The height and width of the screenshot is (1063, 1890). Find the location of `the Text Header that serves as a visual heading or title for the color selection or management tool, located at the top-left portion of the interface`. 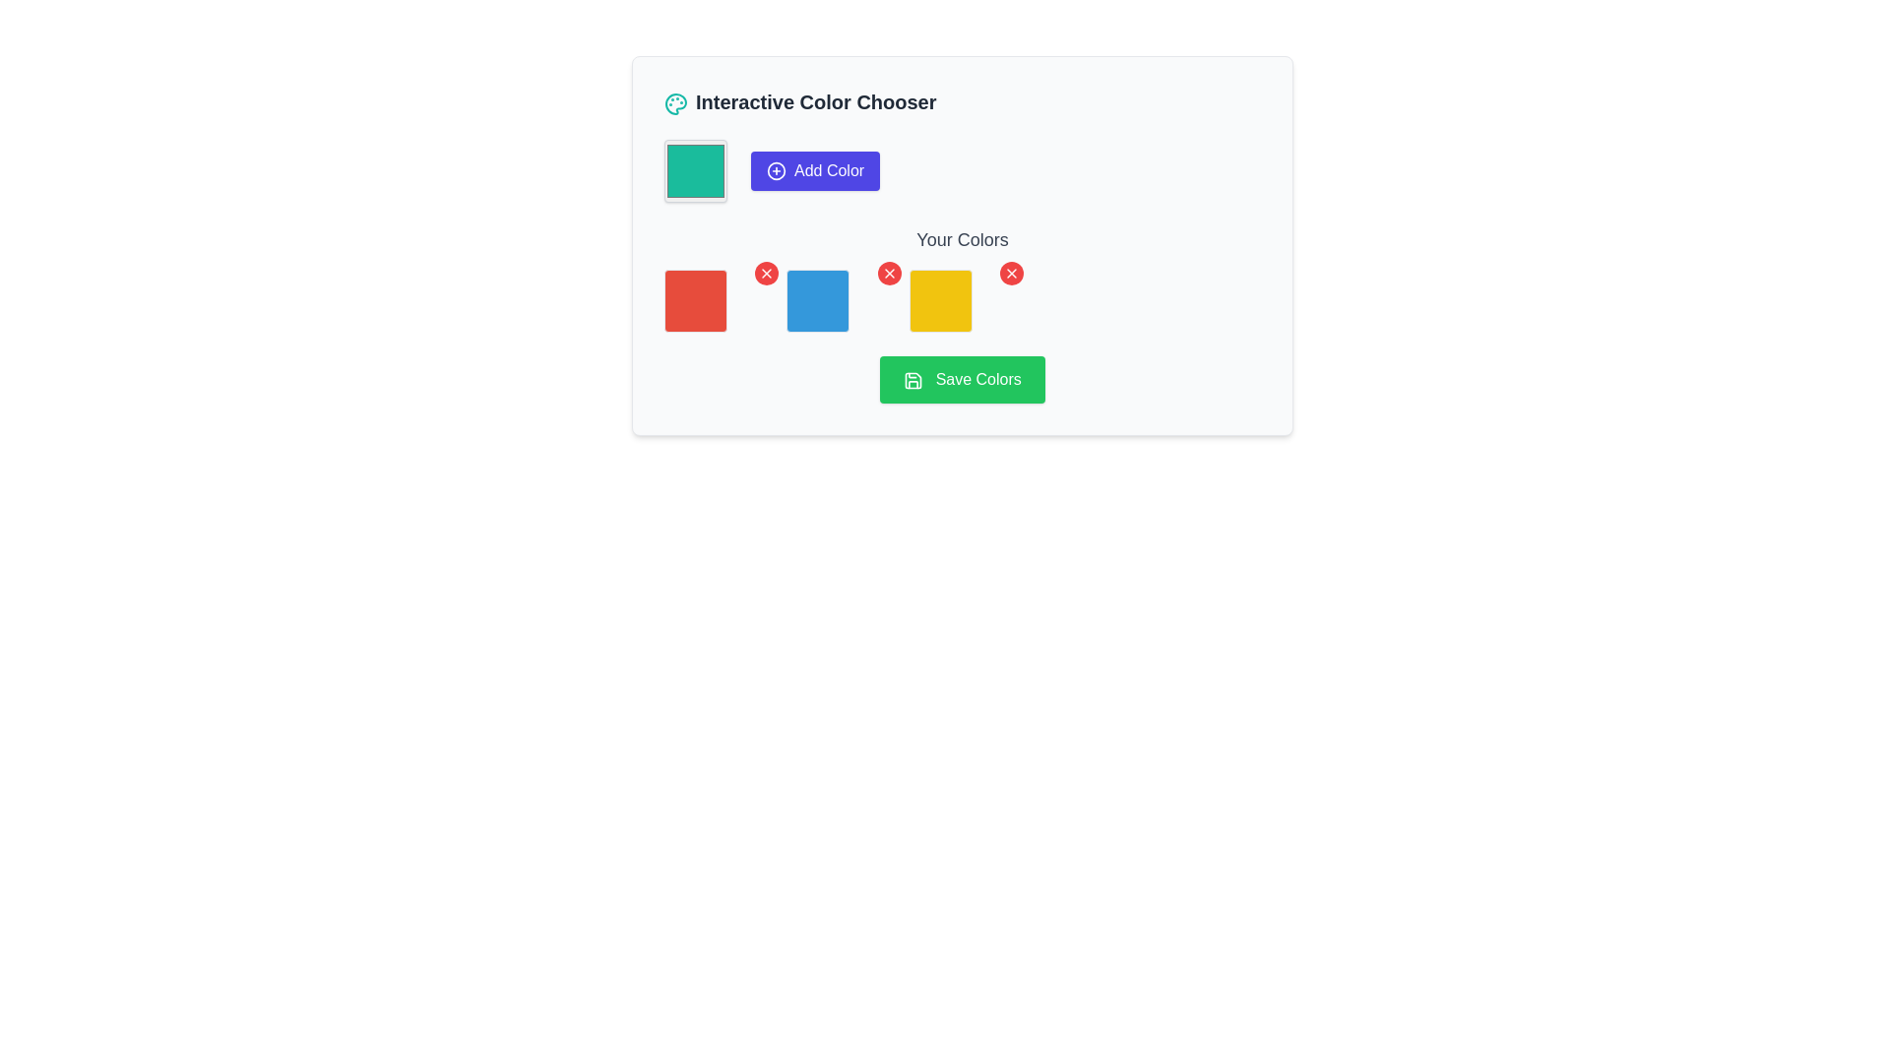

the Text Header that serves as a visual heading or title for the color selection or management tool, located at the top-left portion of the interface is located at coordinates (800, 102).